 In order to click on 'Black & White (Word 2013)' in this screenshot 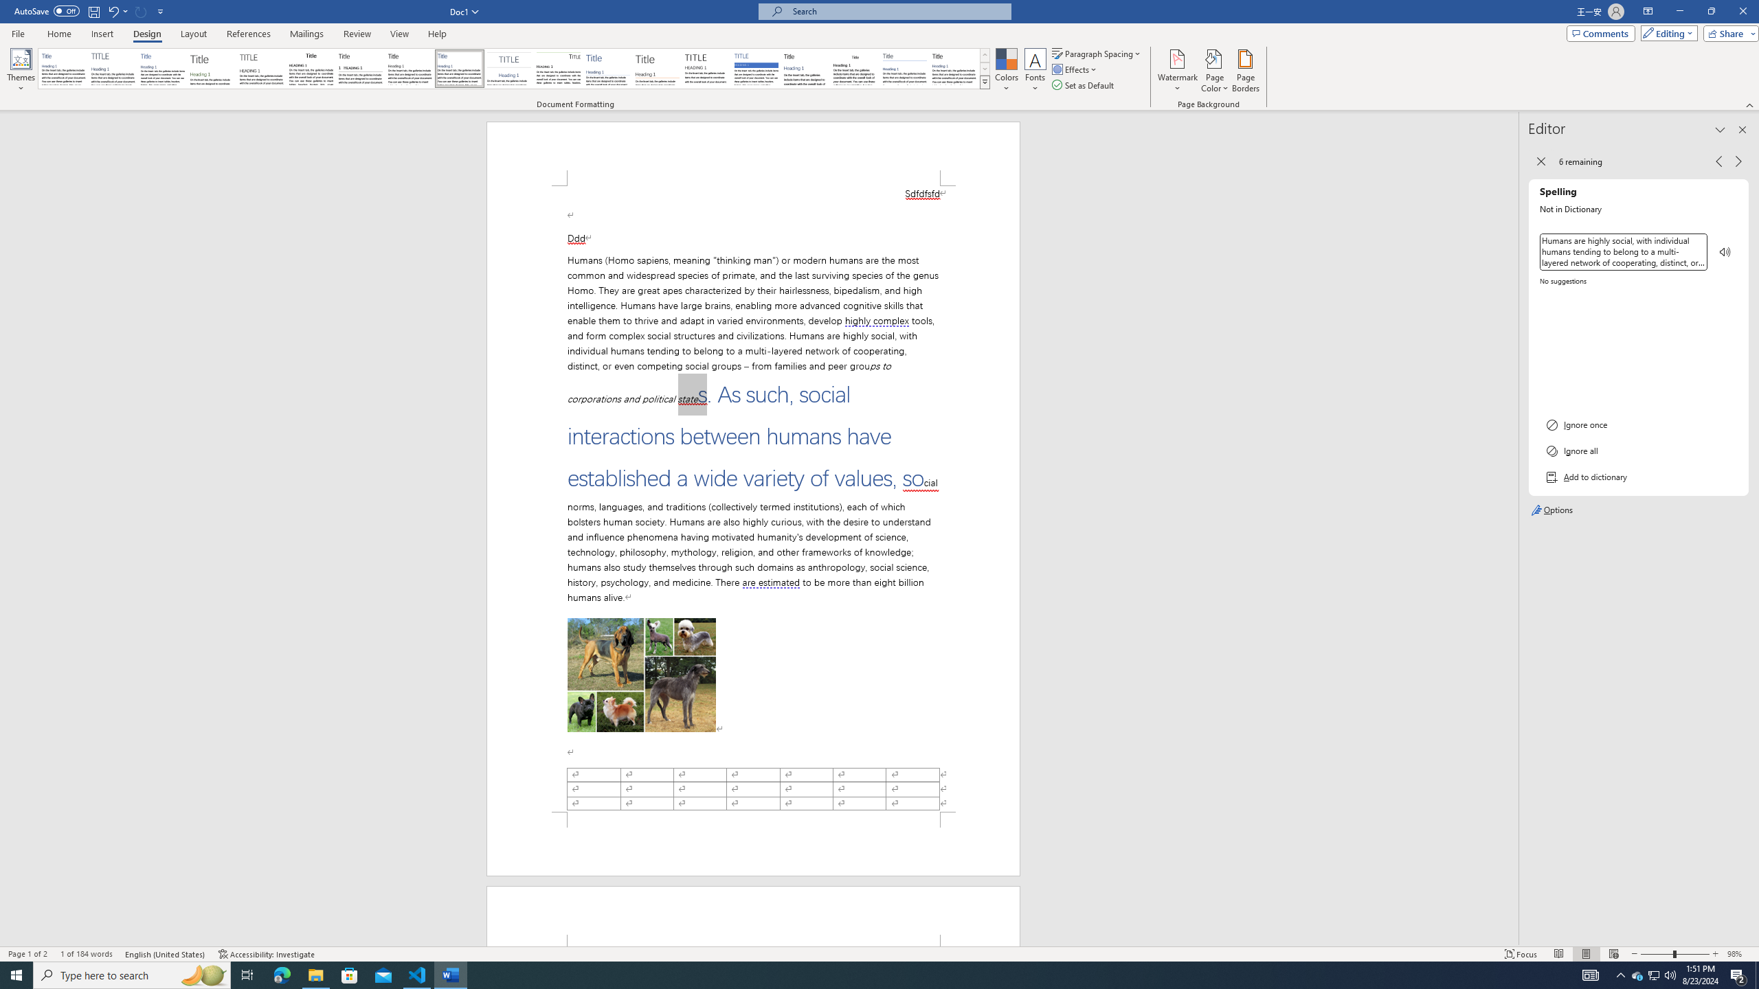, I will do `click(409, 68)`.